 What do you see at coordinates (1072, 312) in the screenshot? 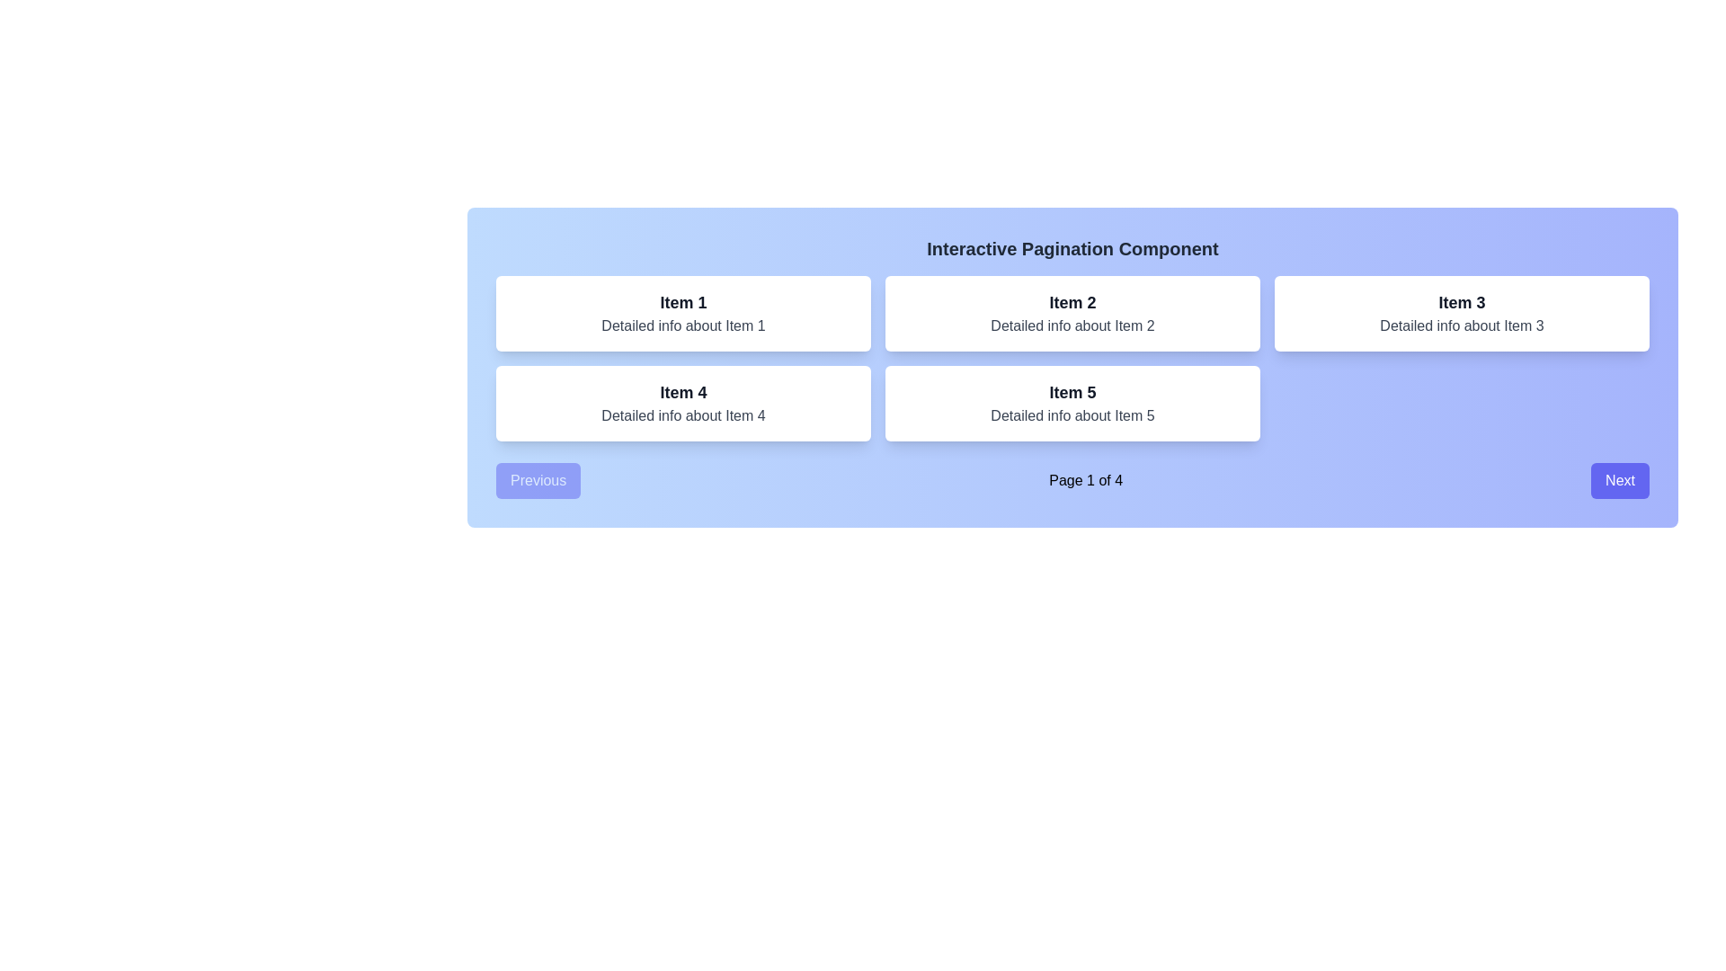
I see `the informational card displaying details about 'Item 2', which is located in the second column of the first row between 'Item 1' and 'Item 3'` at bounding box center [1072, 312].